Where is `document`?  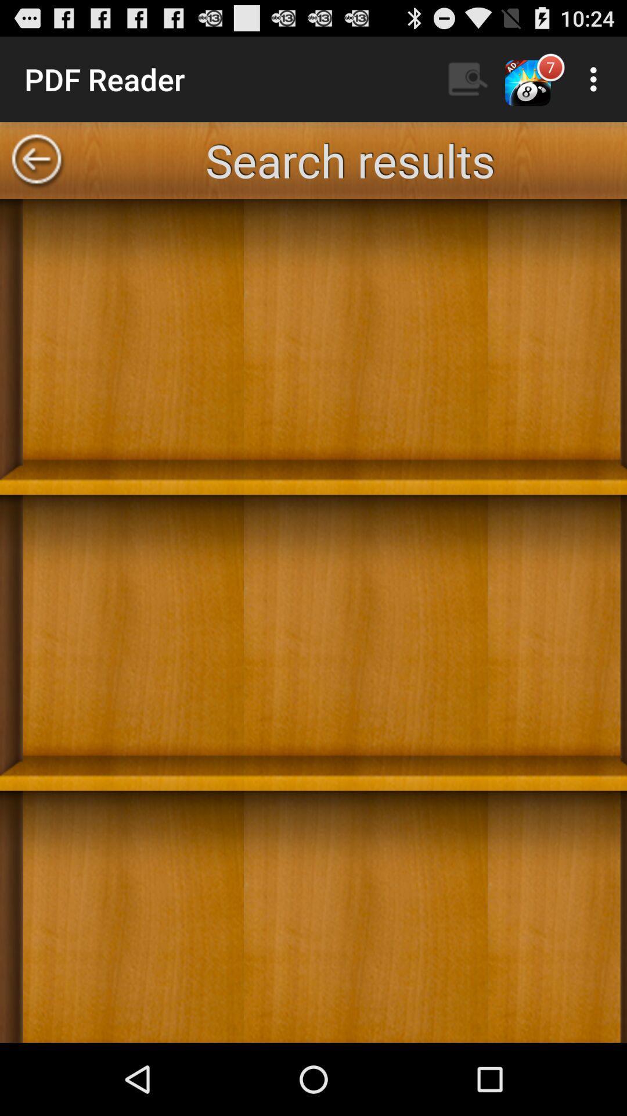
document is located at coordinates (313, 620).